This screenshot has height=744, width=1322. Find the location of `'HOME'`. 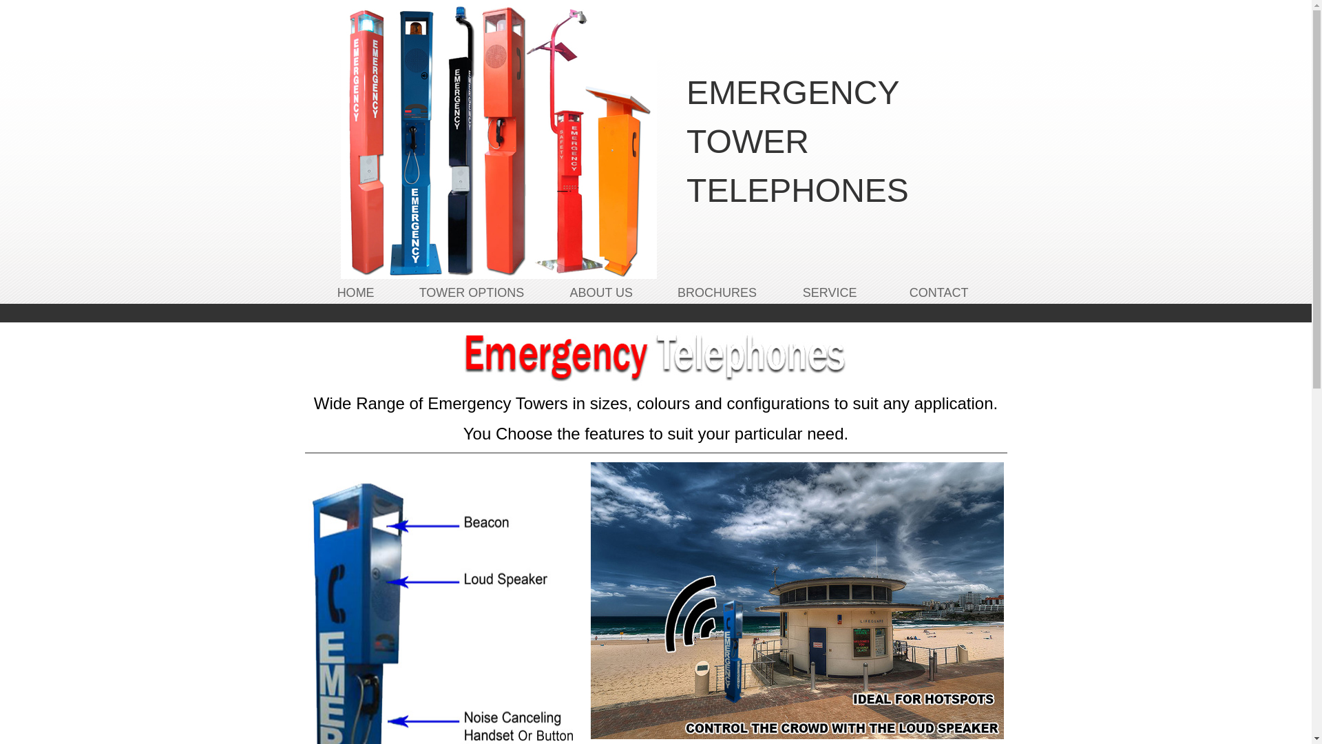

'HOME' is located at coordinates (356, 291).